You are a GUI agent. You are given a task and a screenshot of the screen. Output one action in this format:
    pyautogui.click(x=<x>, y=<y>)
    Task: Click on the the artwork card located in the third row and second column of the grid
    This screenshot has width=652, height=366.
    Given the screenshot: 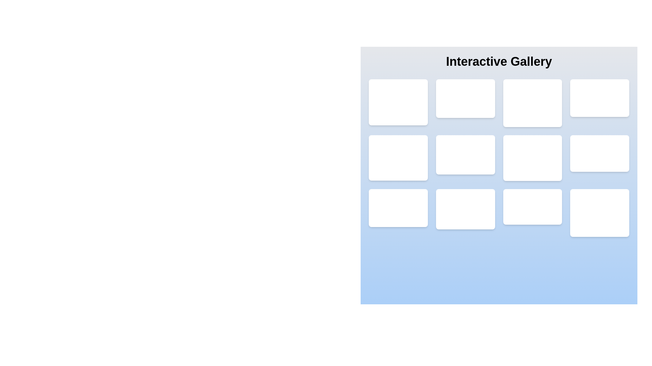 What is the action you would take?
    pyautogui.click(x=532, y=158)
    